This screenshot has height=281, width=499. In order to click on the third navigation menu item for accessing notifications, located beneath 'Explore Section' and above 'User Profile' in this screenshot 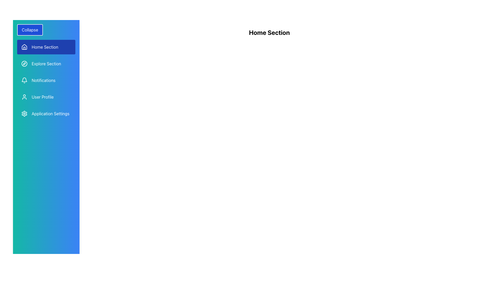, I will do `click(46, 80)`.